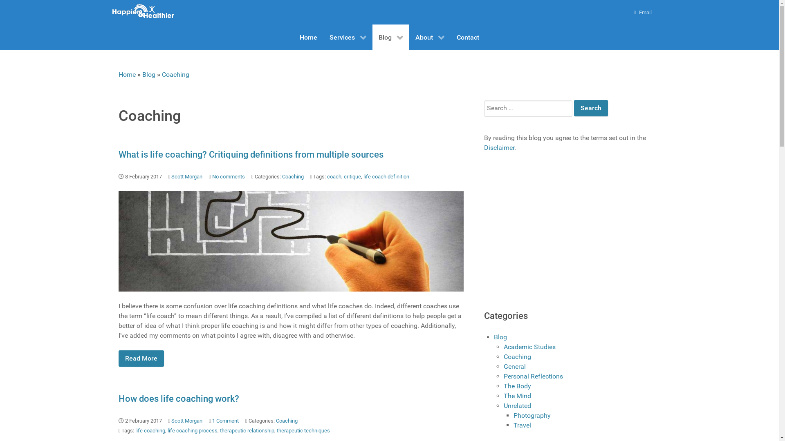  What do you see at coordinates (522, 425) in the screenshot?
I see `'Travel'` at bounding box center [522, 425].